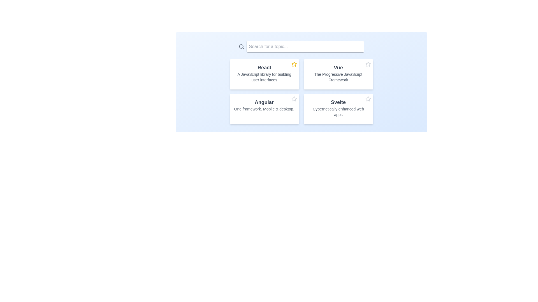  What do you see at coordinates (368, 98) in the screenshot?
I see `the star-shaped icon with a thin stroke in gray color located in the top-right corner of the card labeled 'Svelte'` at bounding box center [368, 98].